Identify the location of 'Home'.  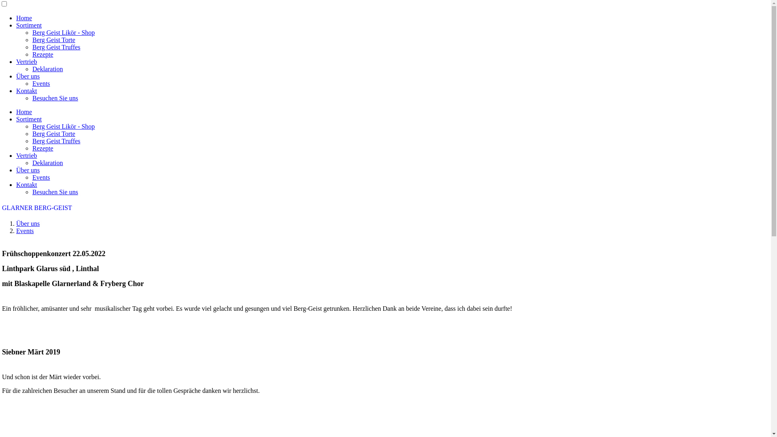
(24, 112).